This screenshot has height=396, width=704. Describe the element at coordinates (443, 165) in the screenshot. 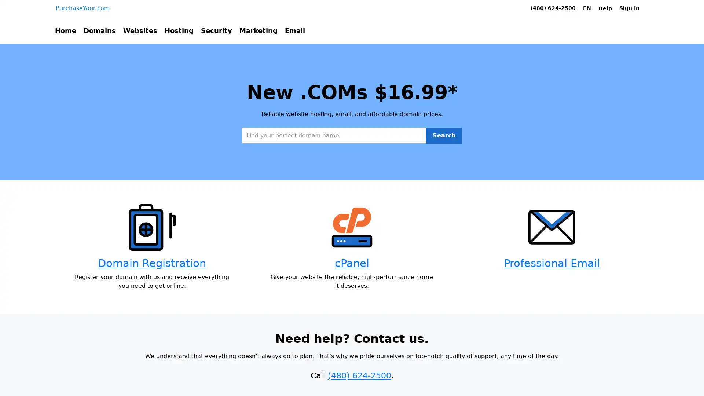

I see `Search` at that location.